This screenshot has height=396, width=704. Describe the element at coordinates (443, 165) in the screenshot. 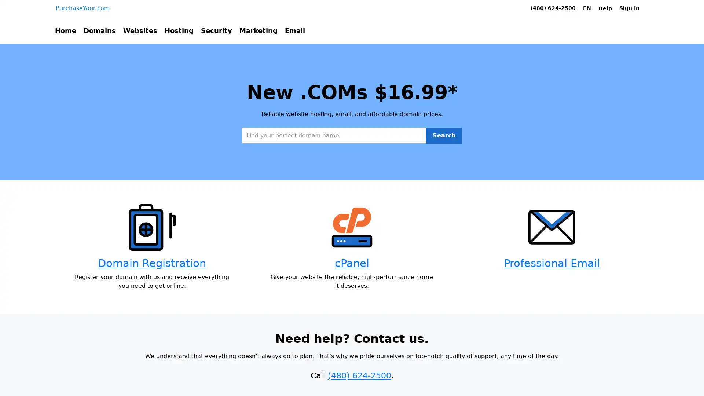

I see `Search` at that location.